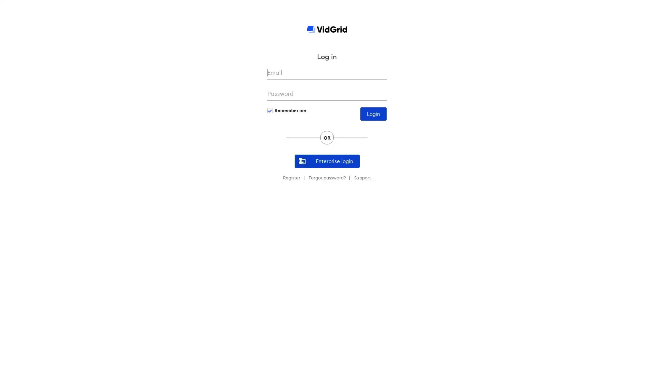 The height and width of the screenshot is (367, 654). Describe the element at coordinates (373, 113) in the screenshot. I see `Login` at that location.